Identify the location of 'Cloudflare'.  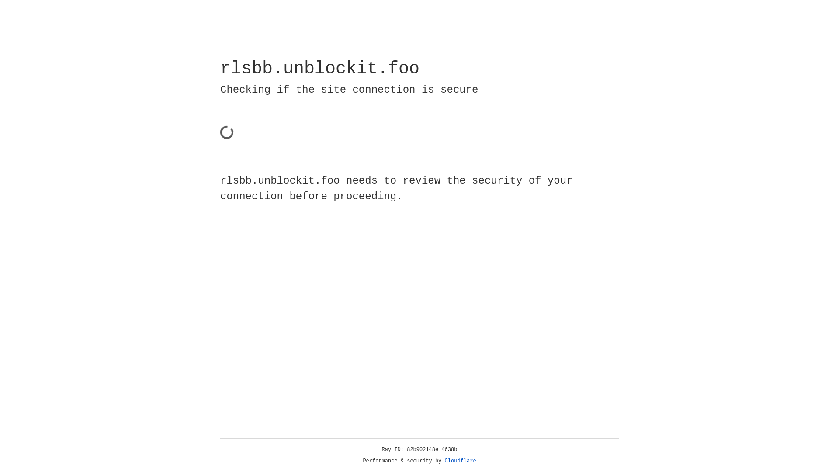
(444, 461).